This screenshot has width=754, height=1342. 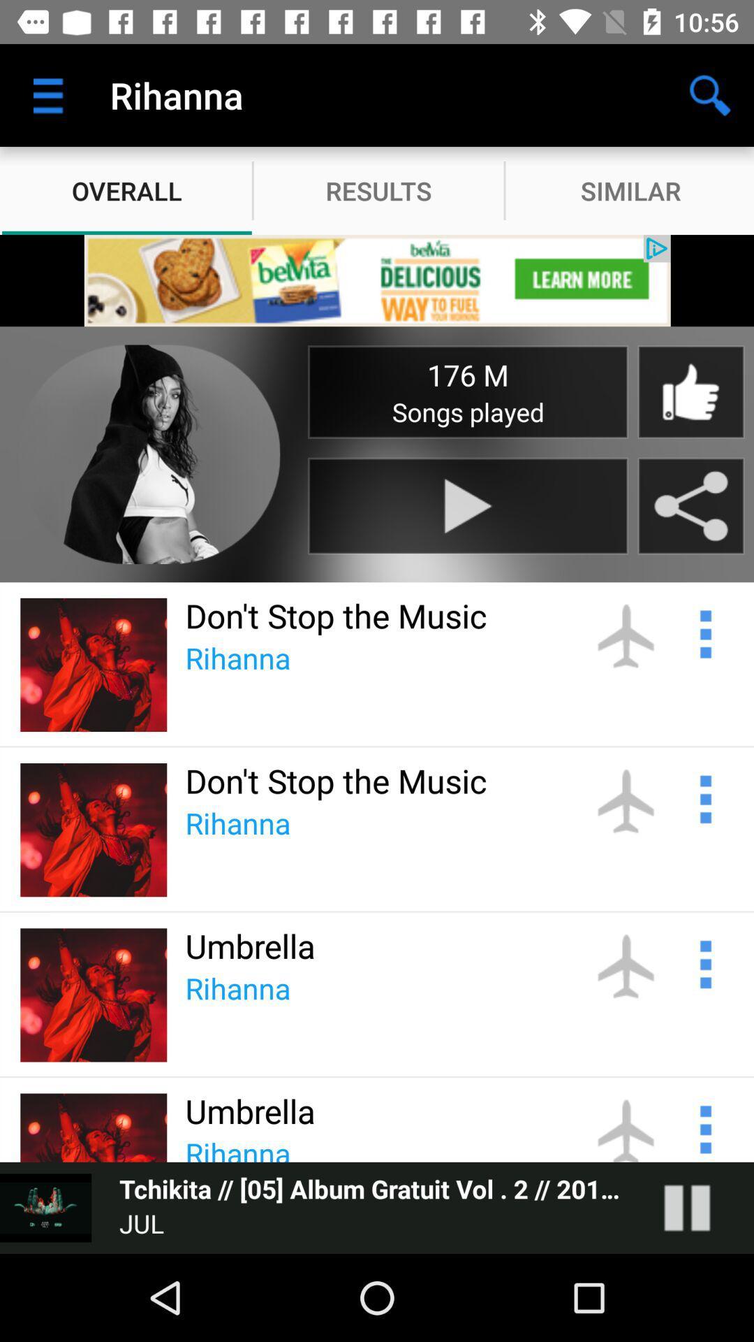 What do you see at coordinates (468, 505) in the screenshot?
I see `play button` at bounding box center [468, 505].